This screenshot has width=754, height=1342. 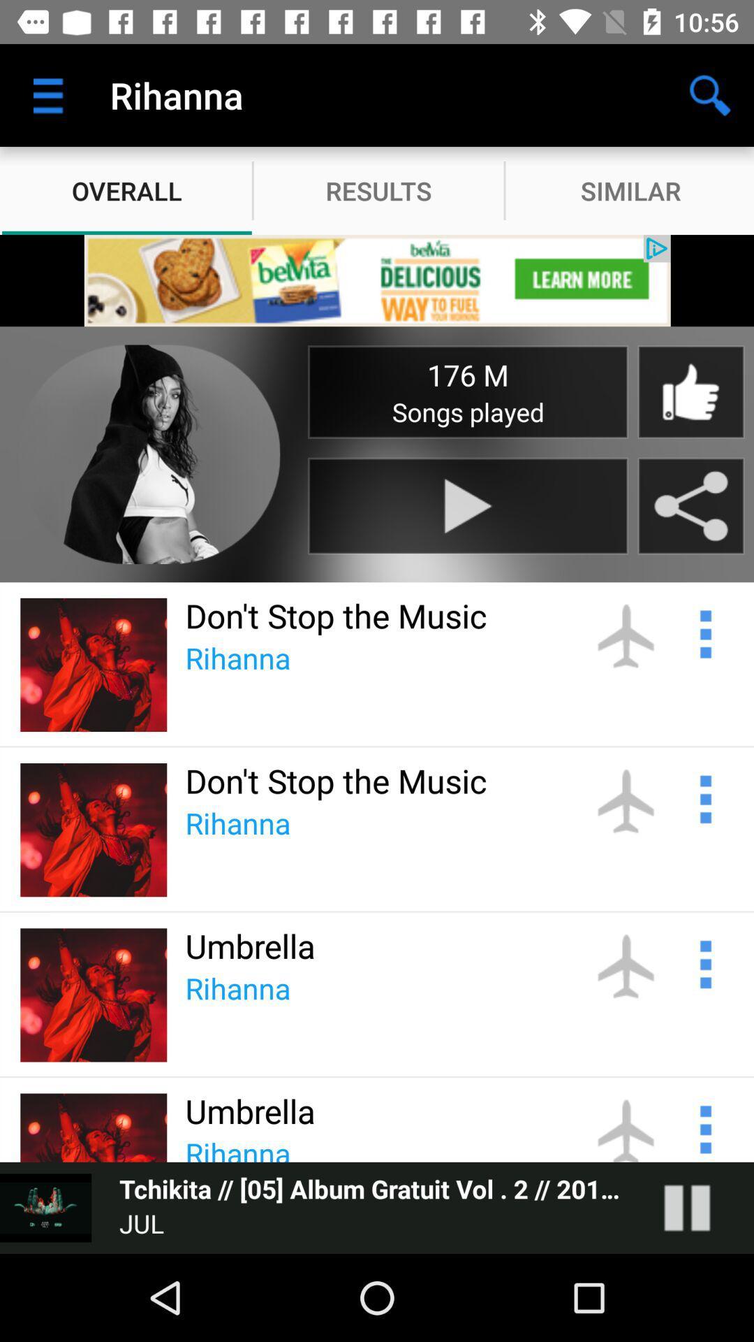 What do you see at coordinates (468, 505) in the screenshot?
I see `play button` at bounding box center [468, 505].